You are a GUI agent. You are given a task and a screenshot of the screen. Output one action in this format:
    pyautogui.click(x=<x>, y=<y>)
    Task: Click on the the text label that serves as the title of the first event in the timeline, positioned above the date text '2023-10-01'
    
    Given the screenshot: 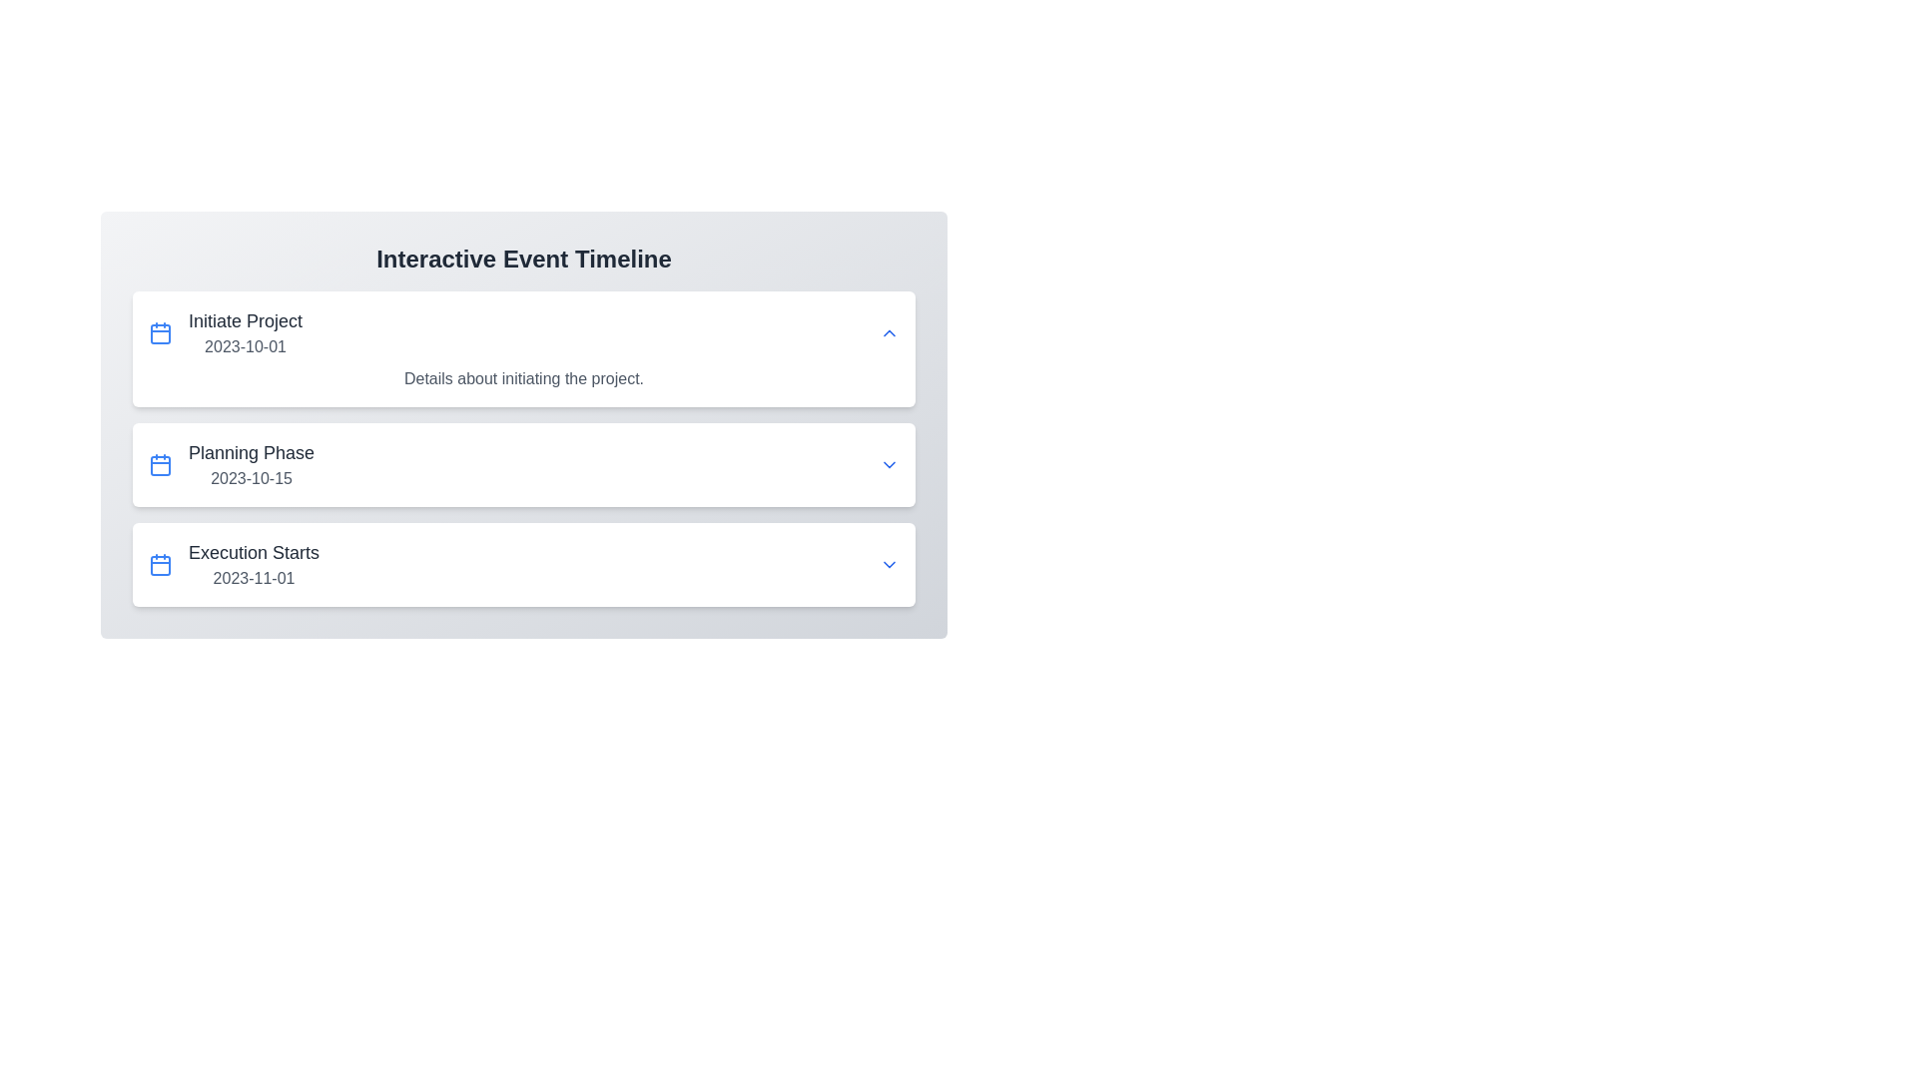 What is the action you would take?
    pyautogui.click(x=244, y=319)
    